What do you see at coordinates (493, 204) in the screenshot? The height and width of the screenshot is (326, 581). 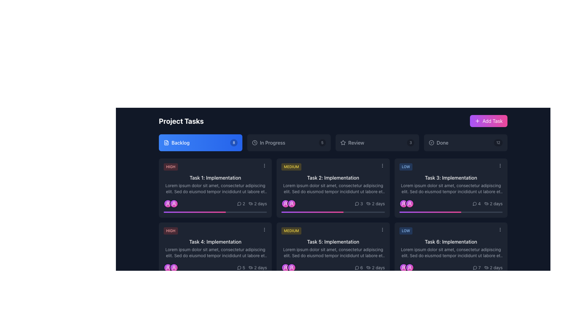 I see `the static text element displaying '2 days' next to a tag icon, located in the bottom right corner of the card labeled 'Task 3: Implementation'` at bounding box center [493, 204].